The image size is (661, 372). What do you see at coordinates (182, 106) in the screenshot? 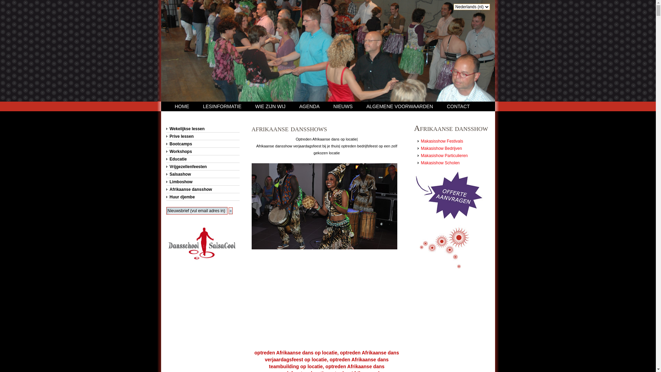
I see `'HOME'` at bounding box center [182, 106].